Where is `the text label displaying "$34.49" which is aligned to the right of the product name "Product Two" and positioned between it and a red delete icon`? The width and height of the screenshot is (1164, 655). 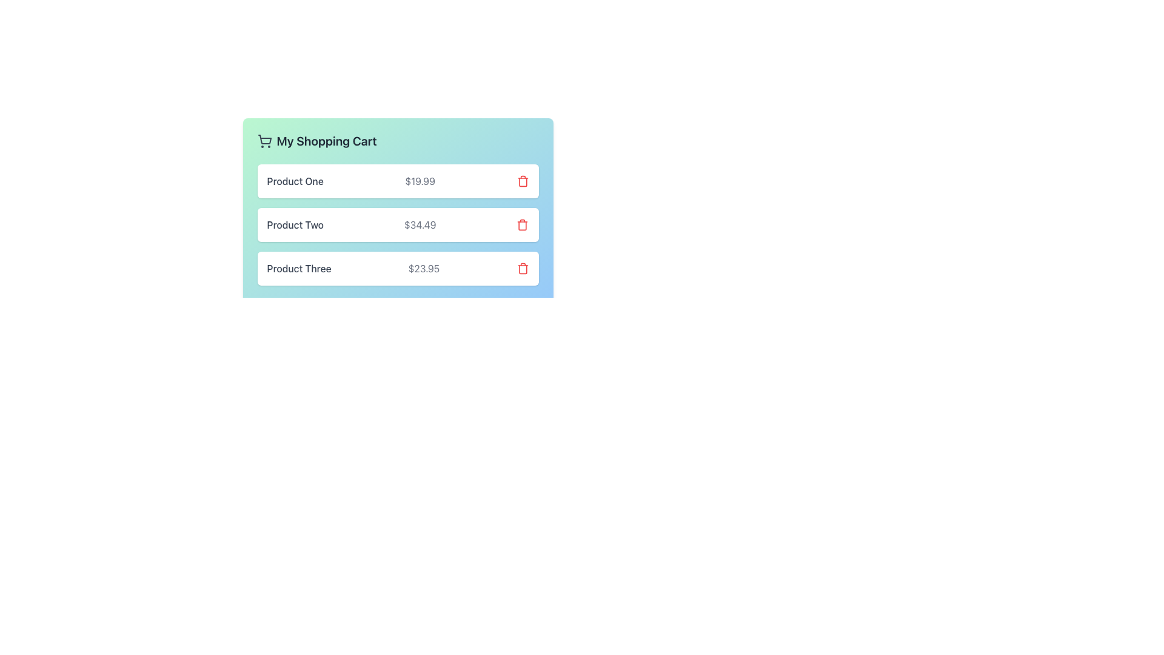
the text label displaying "$34.49" which is aligned to the right of the product name "Product Two" and positioned between it and a red delete icon is located at coordinates (420, 224).